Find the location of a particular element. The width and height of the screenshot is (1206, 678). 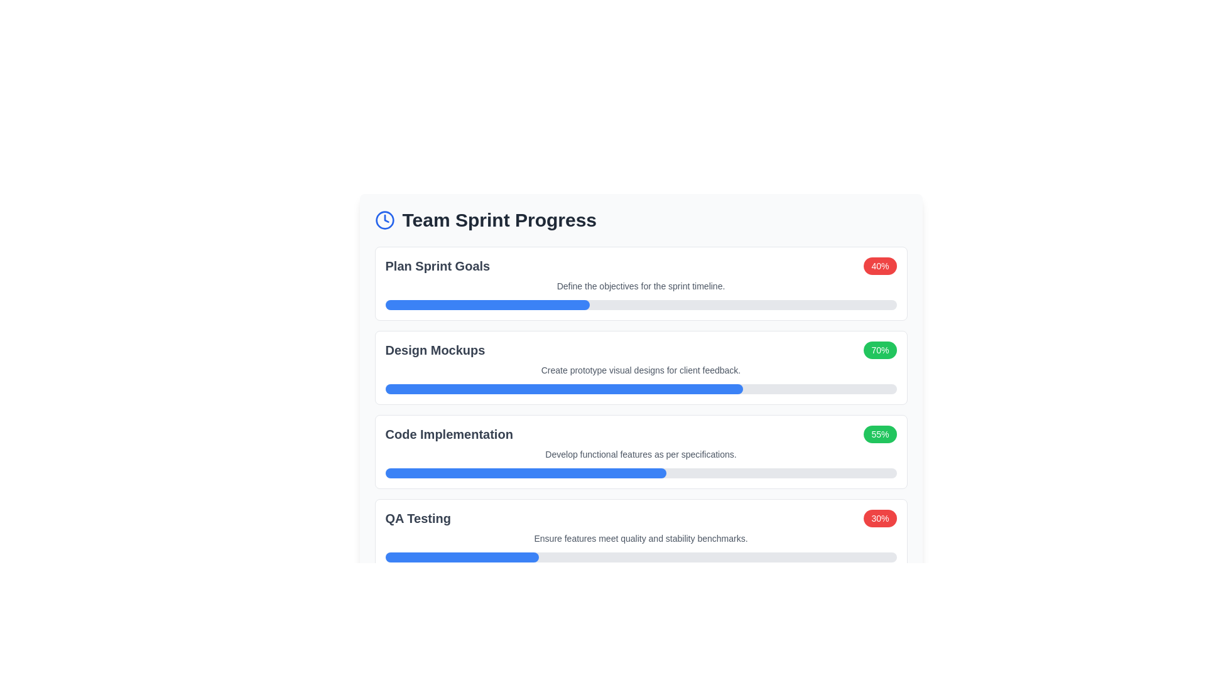

the static informational display titled 'Code Implementation' which includes a progress indicator showing '55%' is located at coordinates (641, 433).